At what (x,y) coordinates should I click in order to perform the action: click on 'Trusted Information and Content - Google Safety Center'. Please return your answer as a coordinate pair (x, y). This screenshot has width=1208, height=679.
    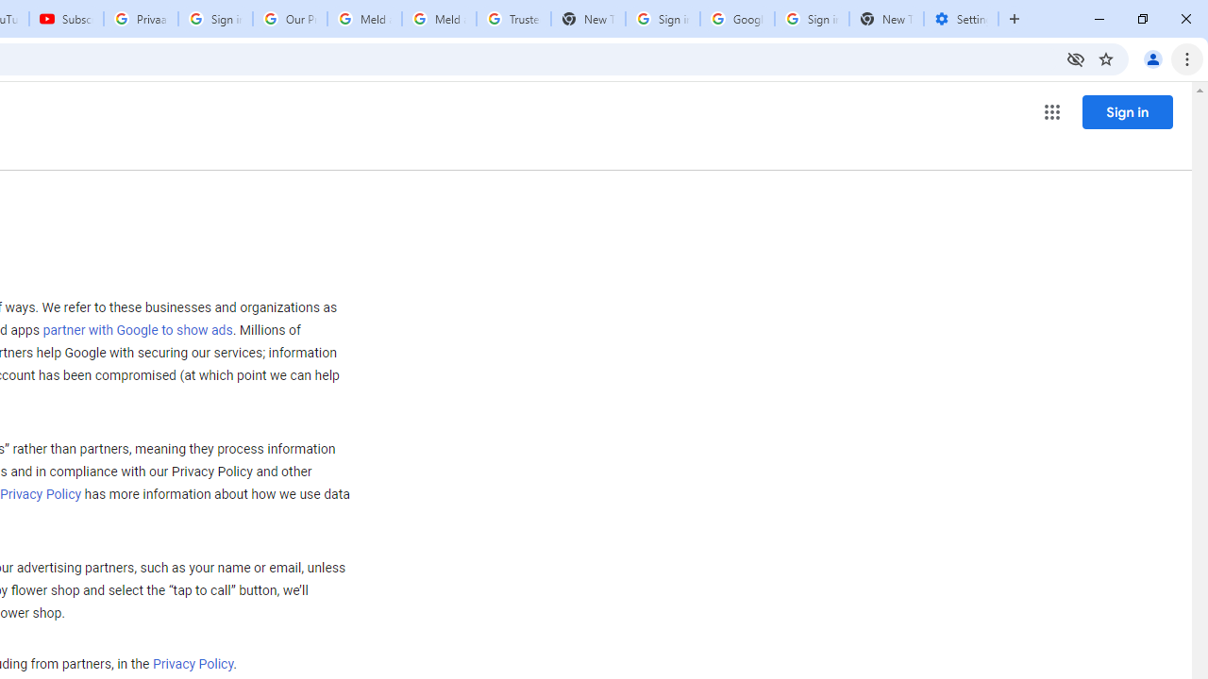
    Looking at the image, I should click on (513, 19).